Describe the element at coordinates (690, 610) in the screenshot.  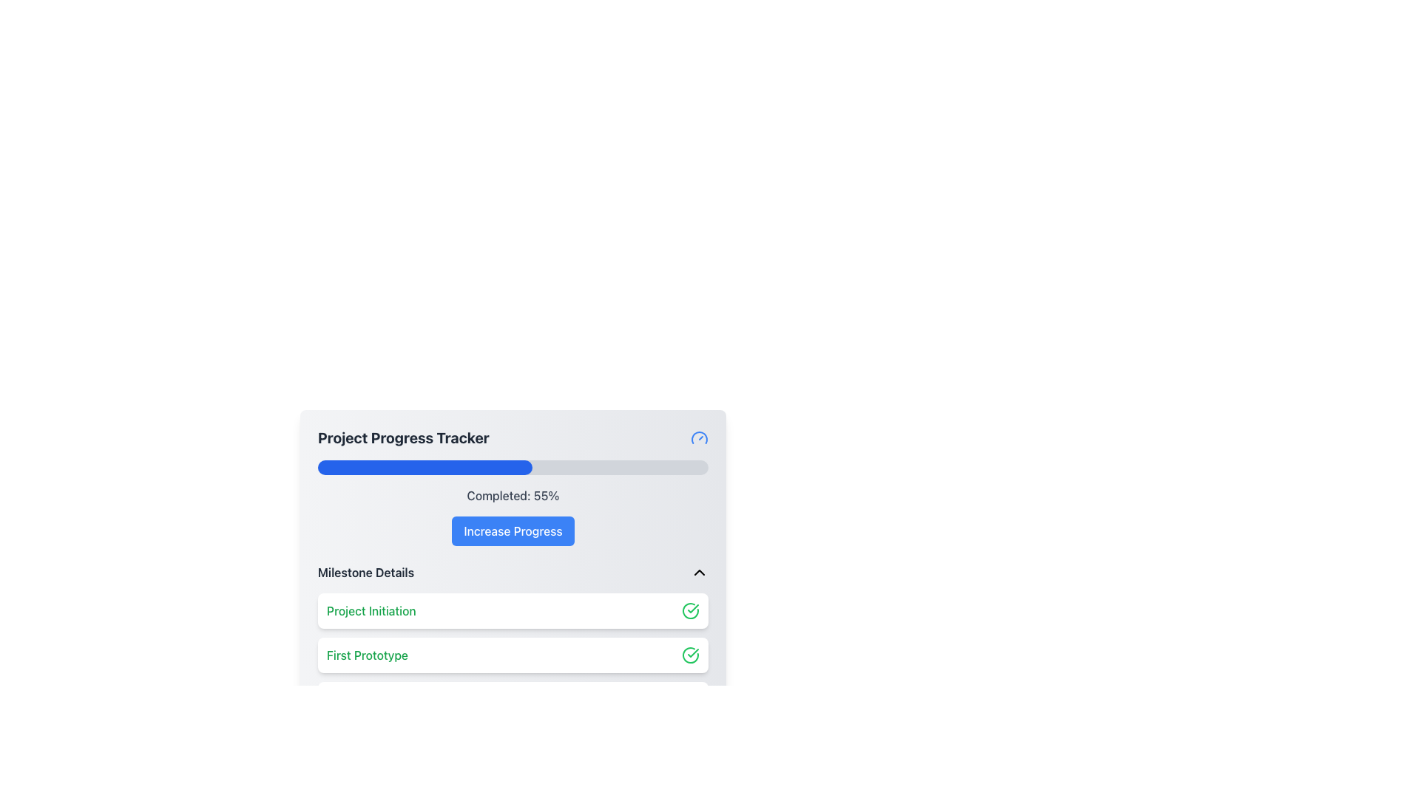
I see `the green checkmark icon inside a circle, which indicates the status of the 'Project Initiation' milestone, located at the right end of the 'Project Initiation' box in the 'Milestone Details' section` at that location.